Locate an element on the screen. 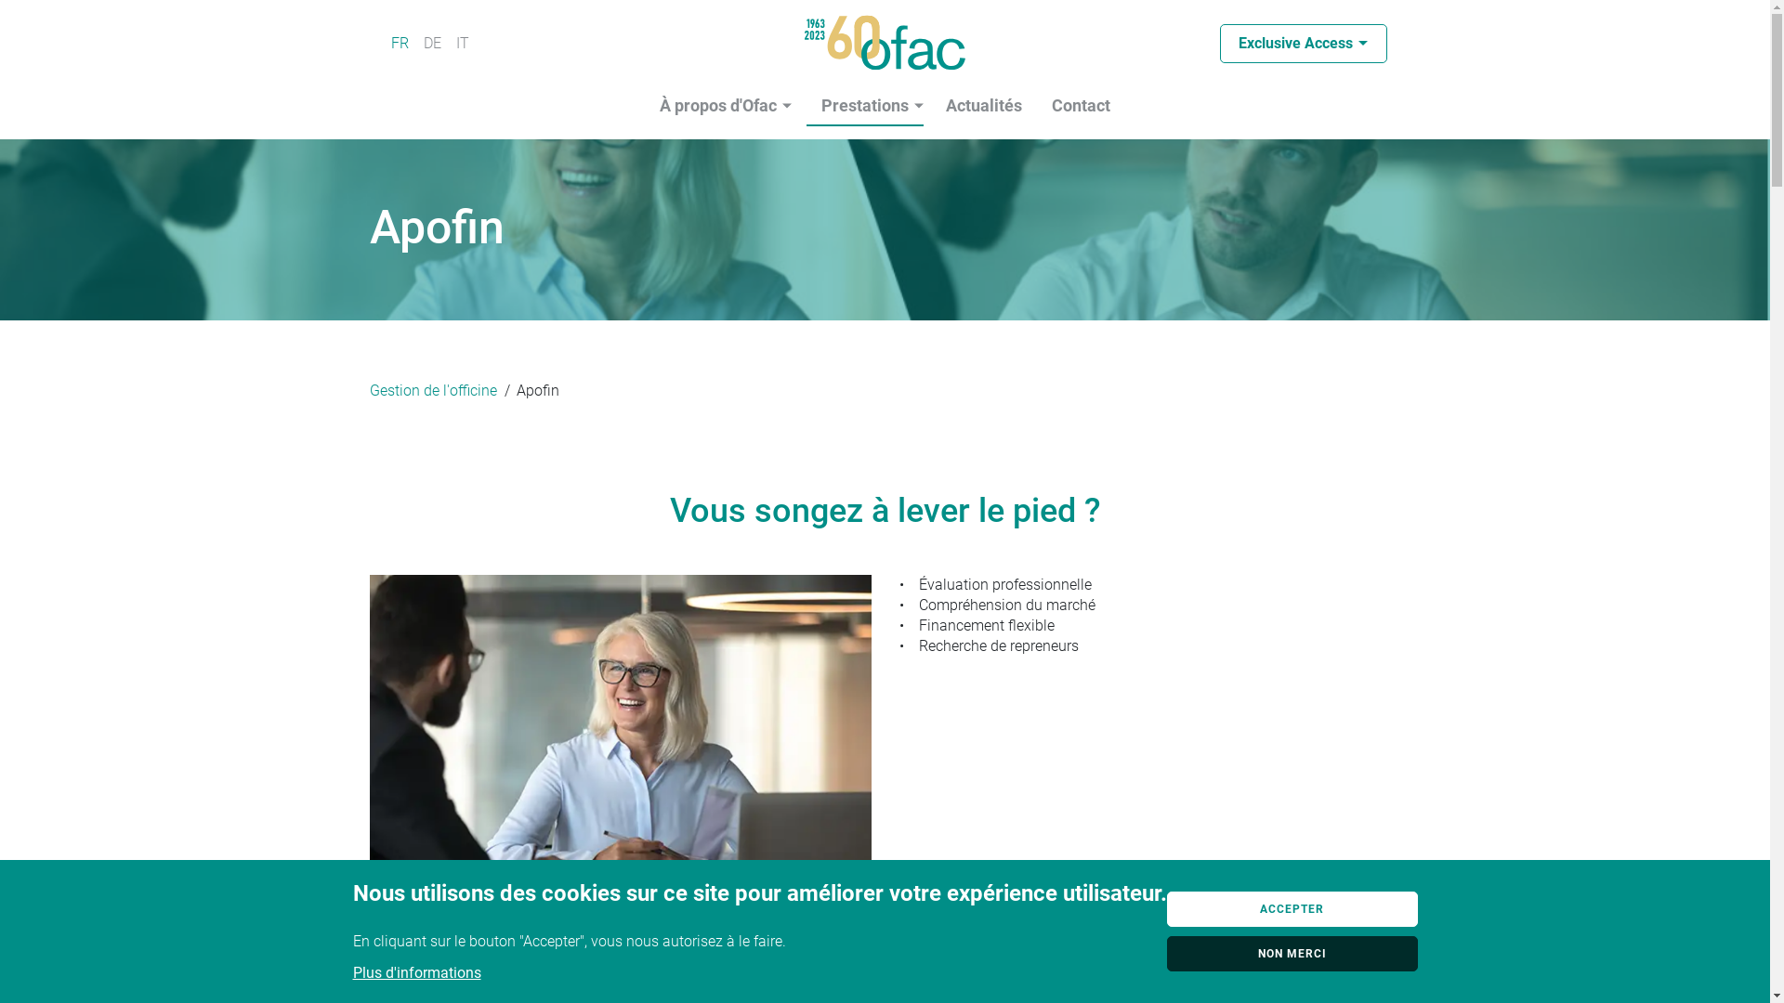  'Prestations' is located at coordinates (864, 107).